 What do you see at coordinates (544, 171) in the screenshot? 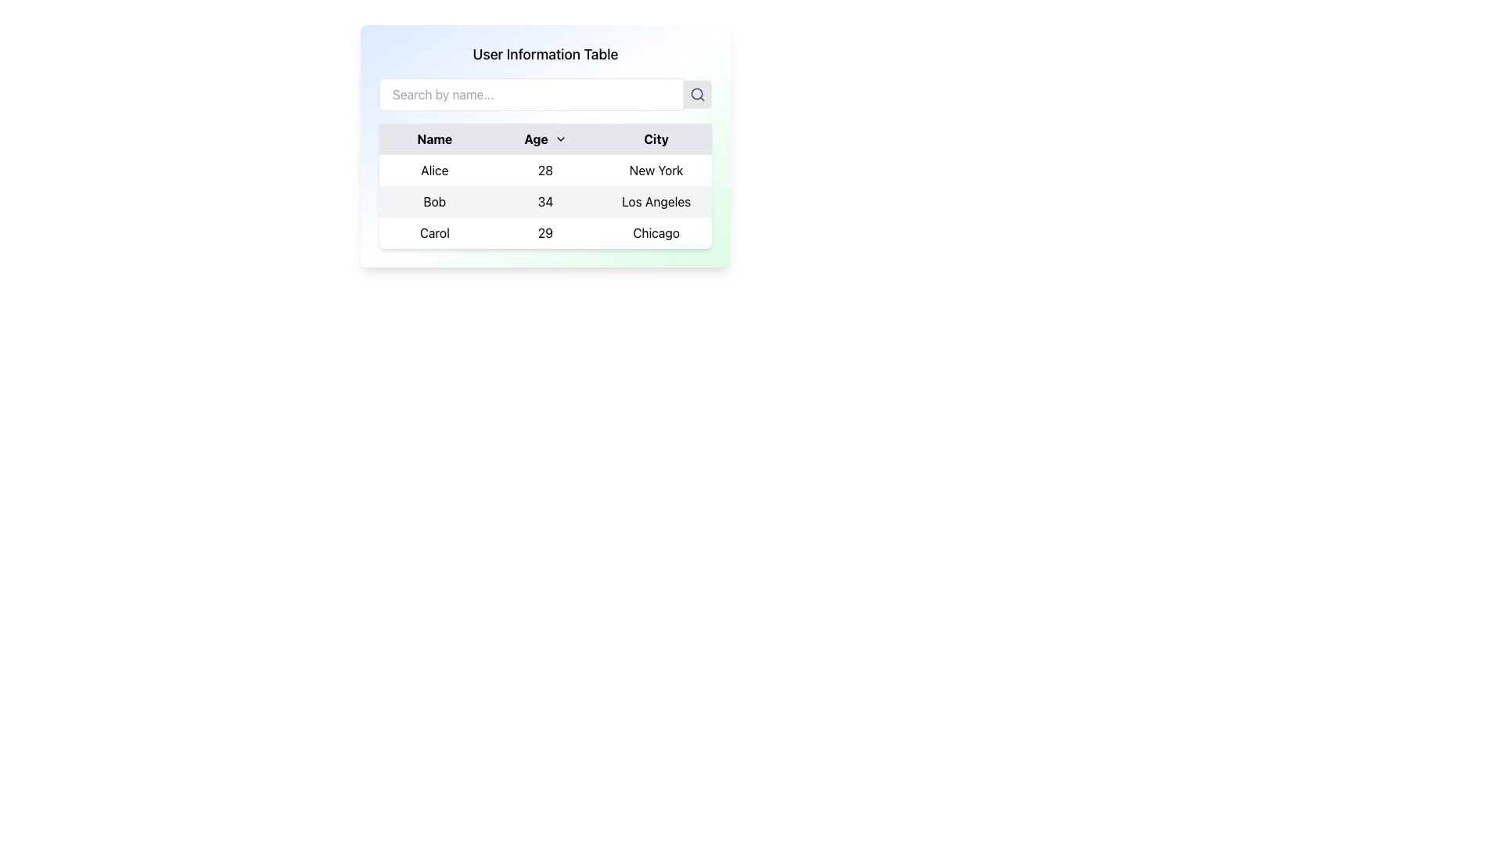
I see `the table cell displaying the number '28' in the 'Age' column` at bounding box center [544, 171].